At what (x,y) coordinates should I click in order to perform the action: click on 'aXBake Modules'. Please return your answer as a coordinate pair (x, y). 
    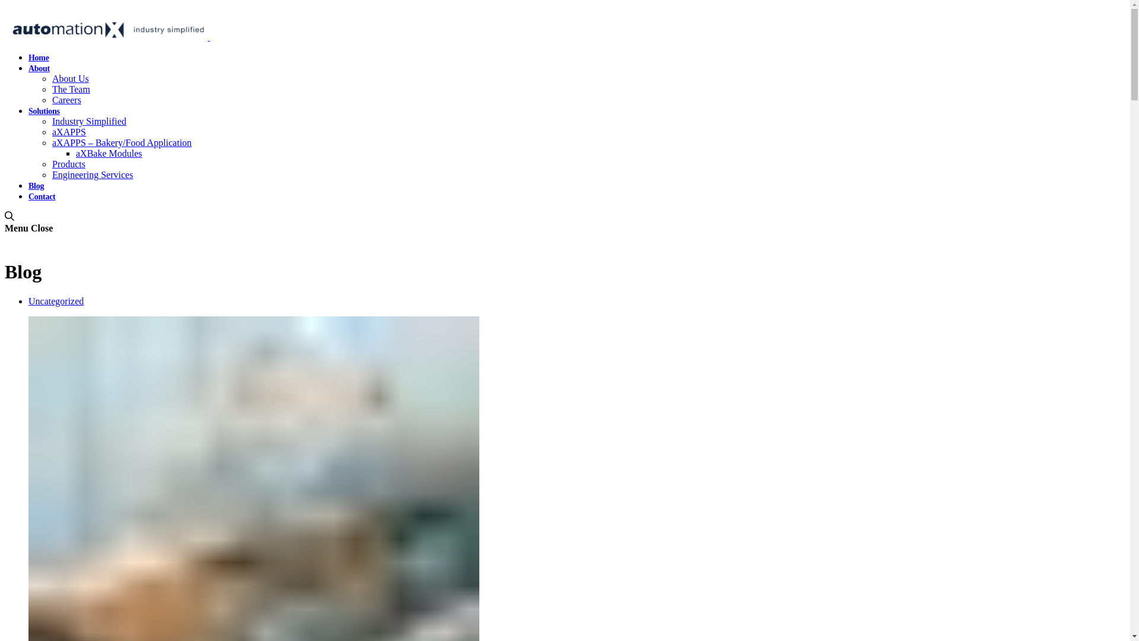
    Looking at the image, I should click on (109, 153).